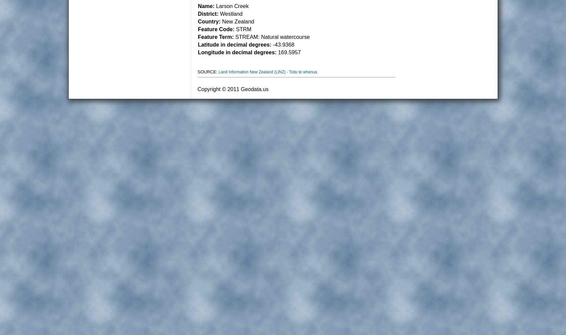  What do you see at coordinates (207, 14) in the screenshot?
I see `'District:'` at bounding box center [207, 14].